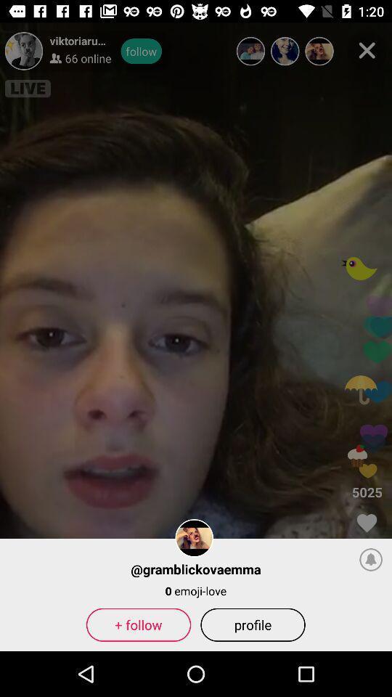 Image resolution: width=392 pixels, height=697 pixels. Describe the element at coordinates (371, 558) in the screenshot. I see `switch notification option` at that location.